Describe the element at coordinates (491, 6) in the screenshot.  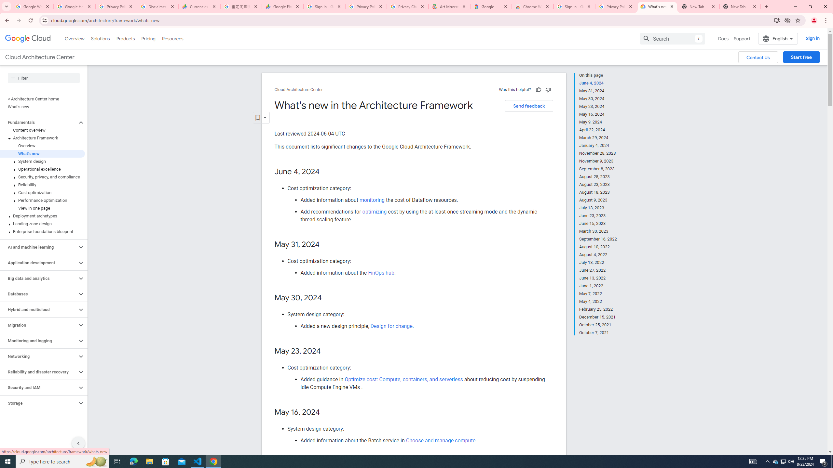
I see `'Google'` at that location.